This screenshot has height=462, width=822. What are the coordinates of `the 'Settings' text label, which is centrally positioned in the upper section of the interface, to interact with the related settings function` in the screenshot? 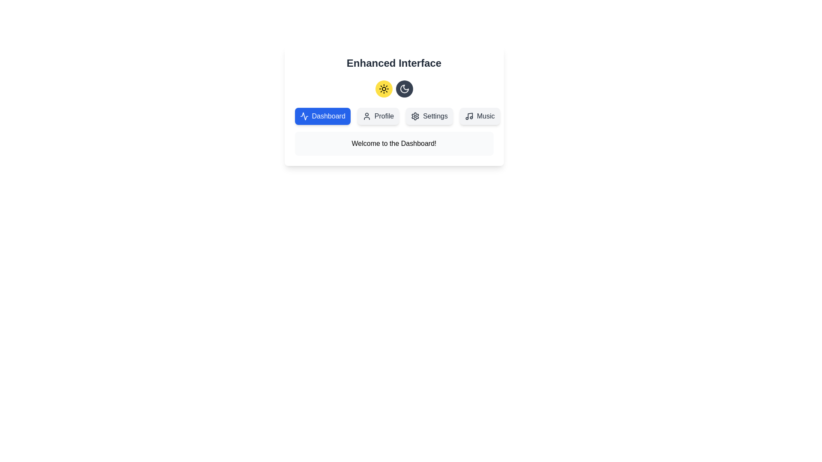 It's located at (435, 116).